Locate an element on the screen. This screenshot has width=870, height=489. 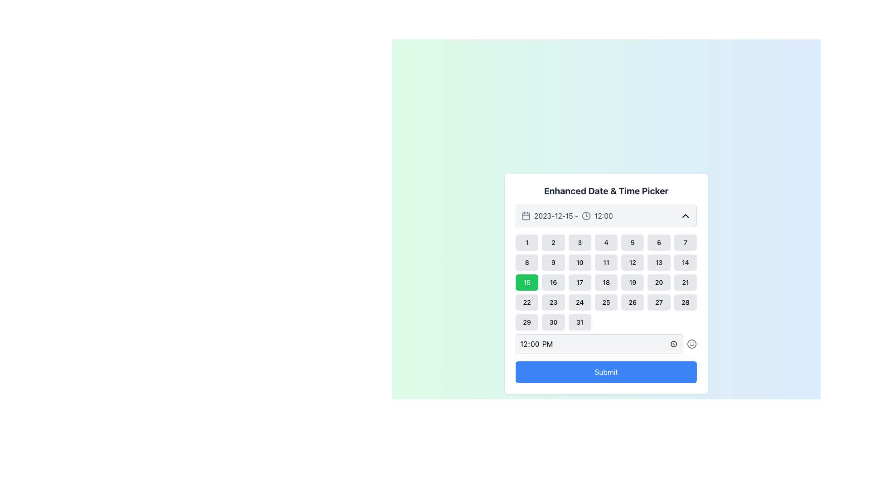
the button representing the selectable date '4' in the calendar interface is located at coordinates (606, 242).